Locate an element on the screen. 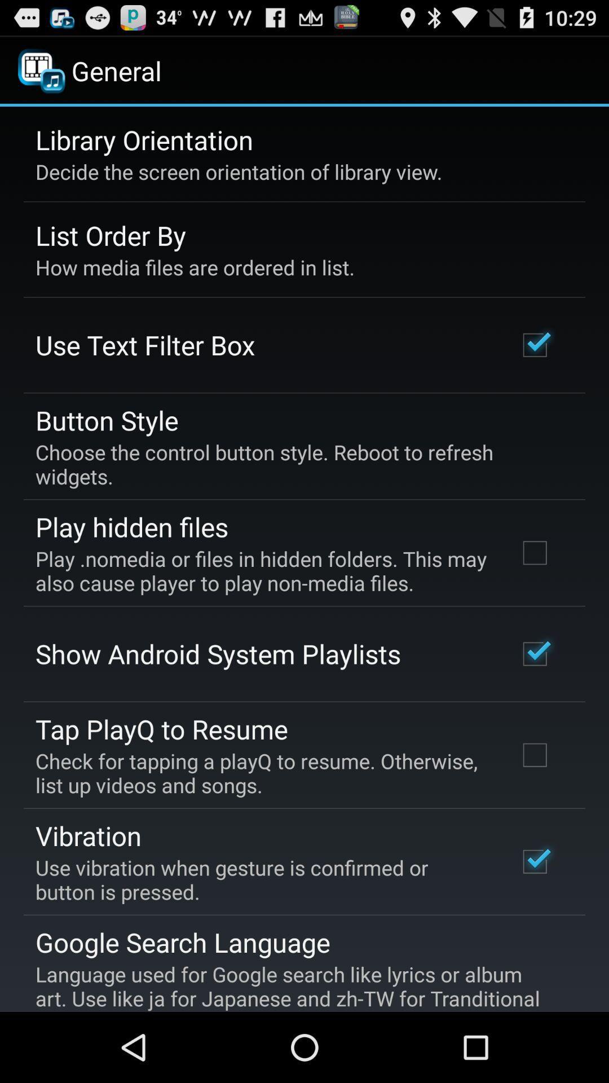 The width and height of the screenshot is (609, 1083). app above the button style is located at coordinates (144, 344).